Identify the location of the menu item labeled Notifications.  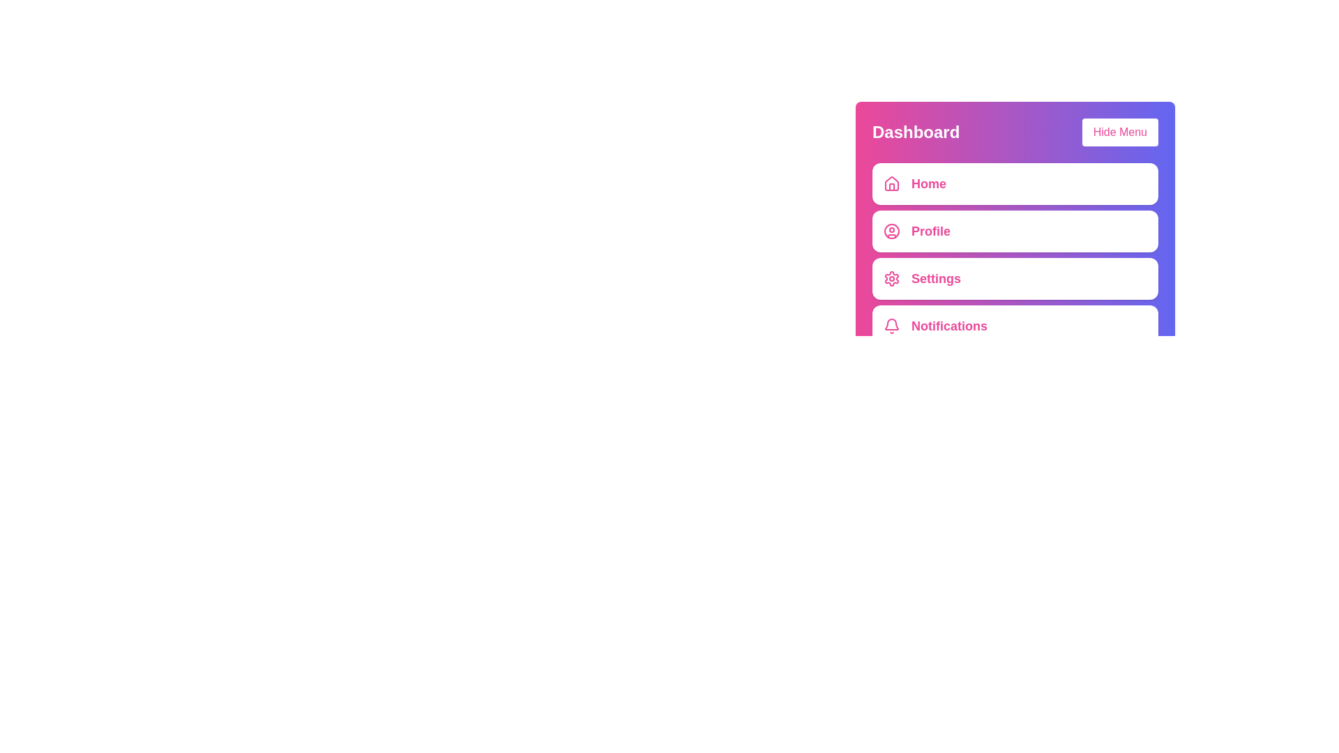
(1015, 326).